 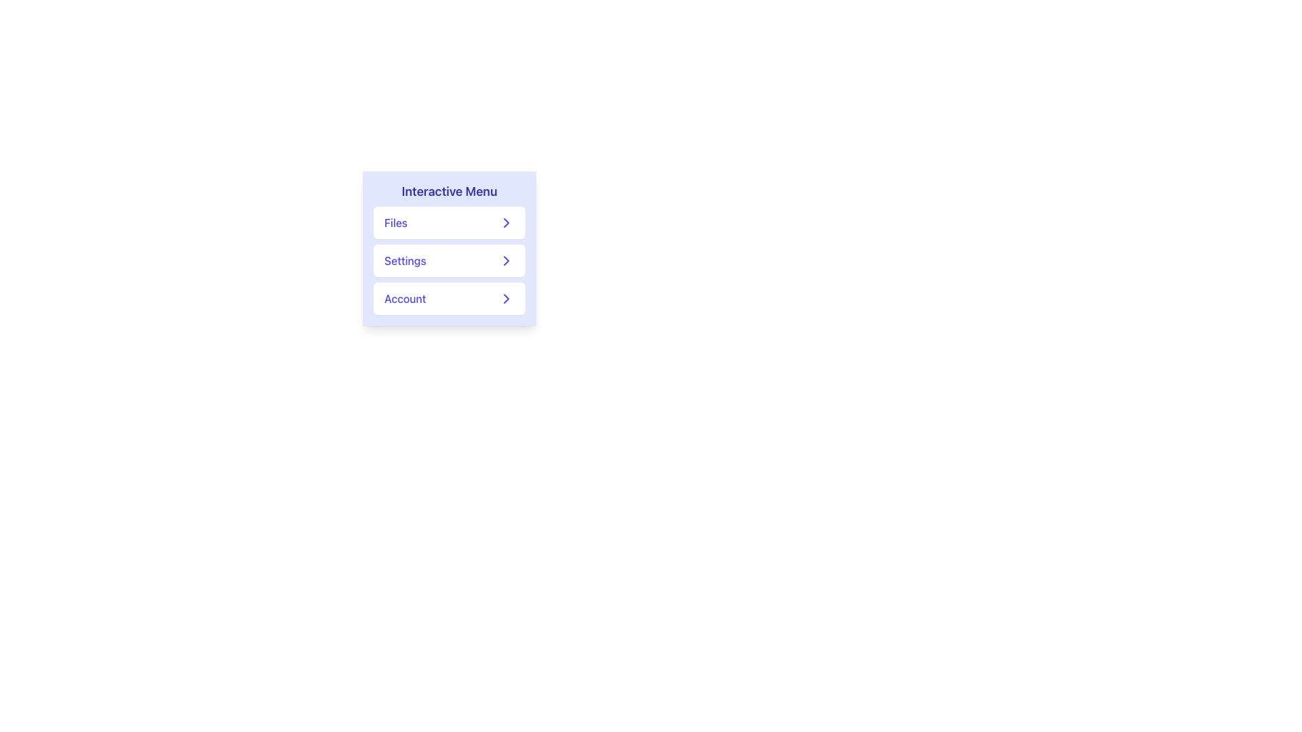 I want to click on the 'Settings' button, which is the second item in a vertical stack of three menu options, located centrally in its column, so click(x=449, y=261).